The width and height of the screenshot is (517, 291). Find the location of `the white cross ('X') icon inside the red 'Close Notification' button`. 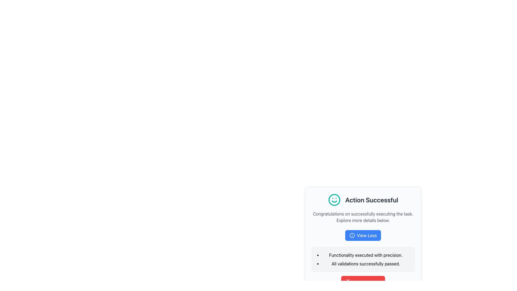

the white cross ('X') icon inside the red 'Close Notification' button is located at coordinates (348, 280).